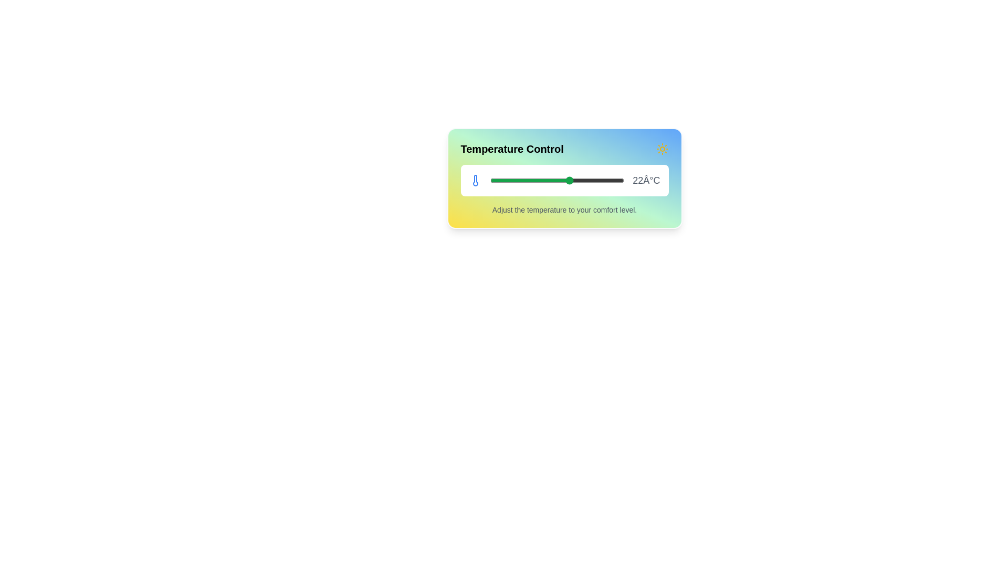 The image size is (1008, 567). I want to click on the temperature, so click(496, 177).